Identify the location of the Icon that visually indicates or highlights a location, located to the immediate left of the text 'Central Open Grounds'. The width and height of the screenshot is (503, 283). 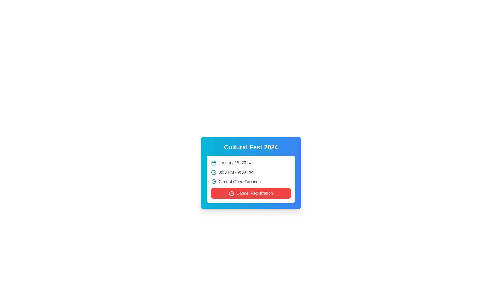
(214, 182).